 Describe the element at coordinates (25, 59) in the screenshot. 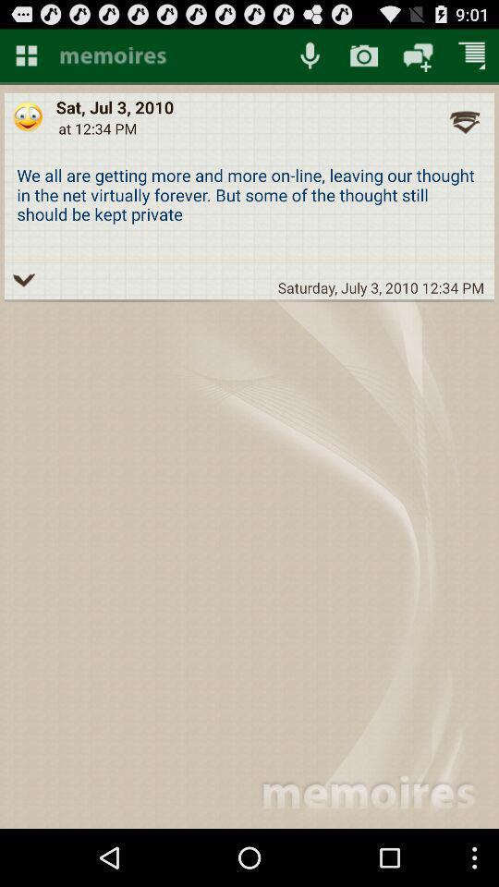

I see `the dashboard icon` at that location.